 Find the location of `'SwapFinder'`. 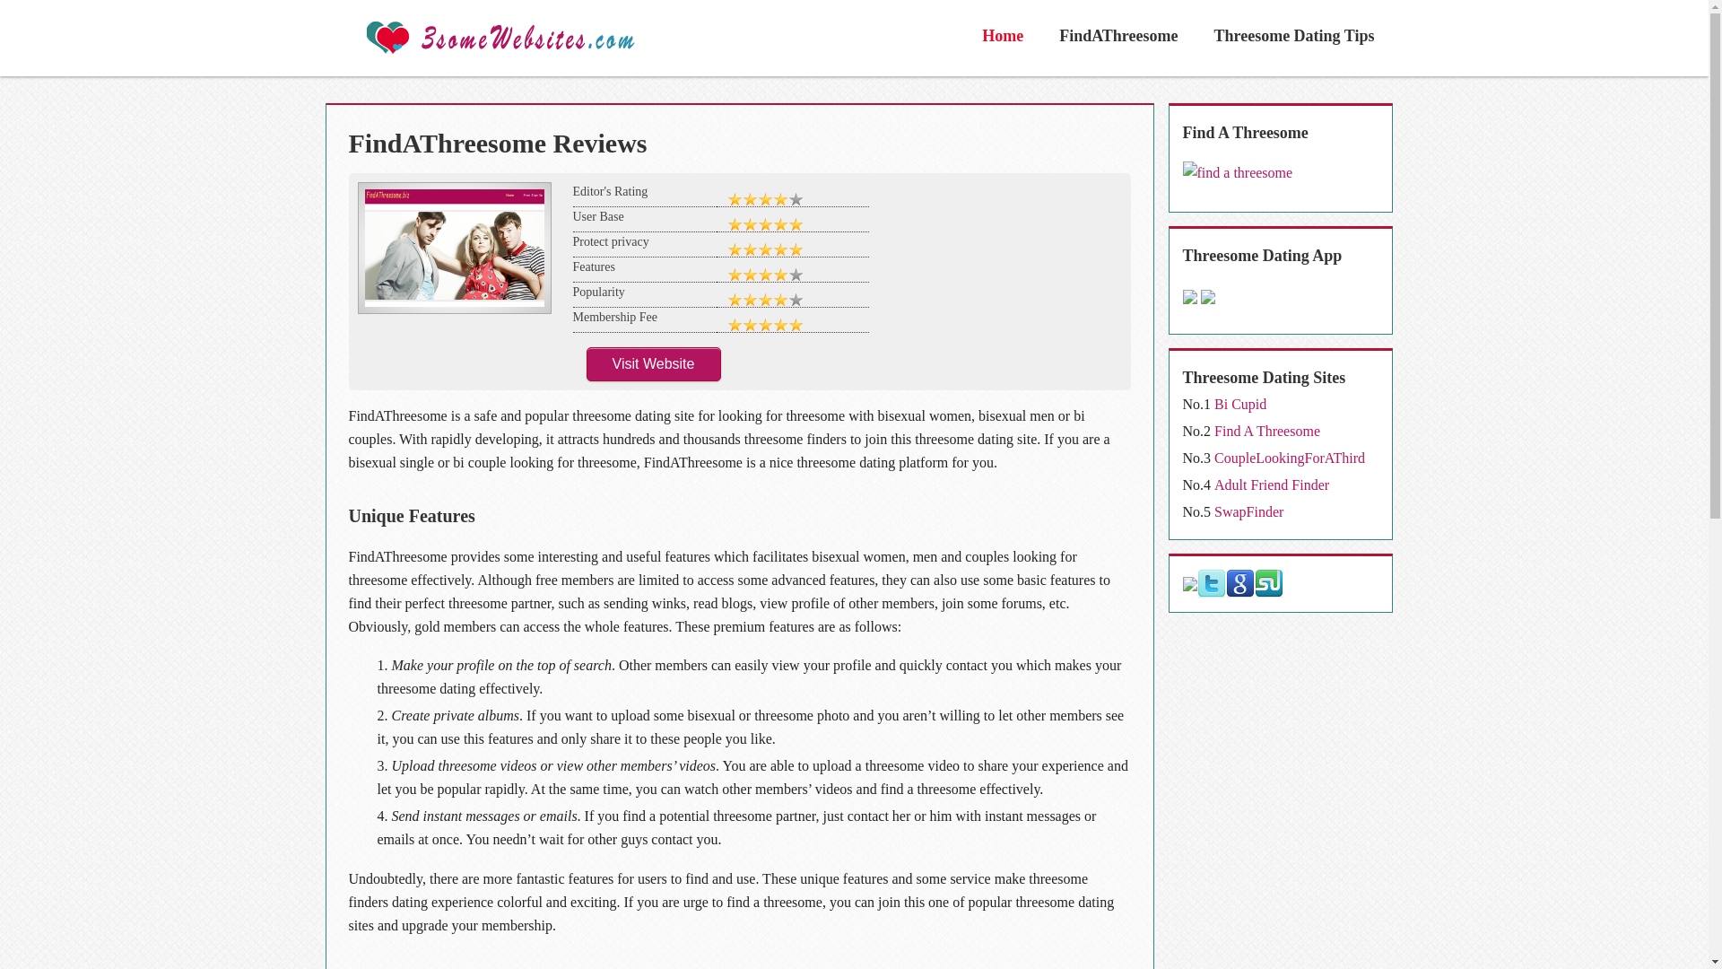

'SwapFinder' is located at coordinates (1248, 511).